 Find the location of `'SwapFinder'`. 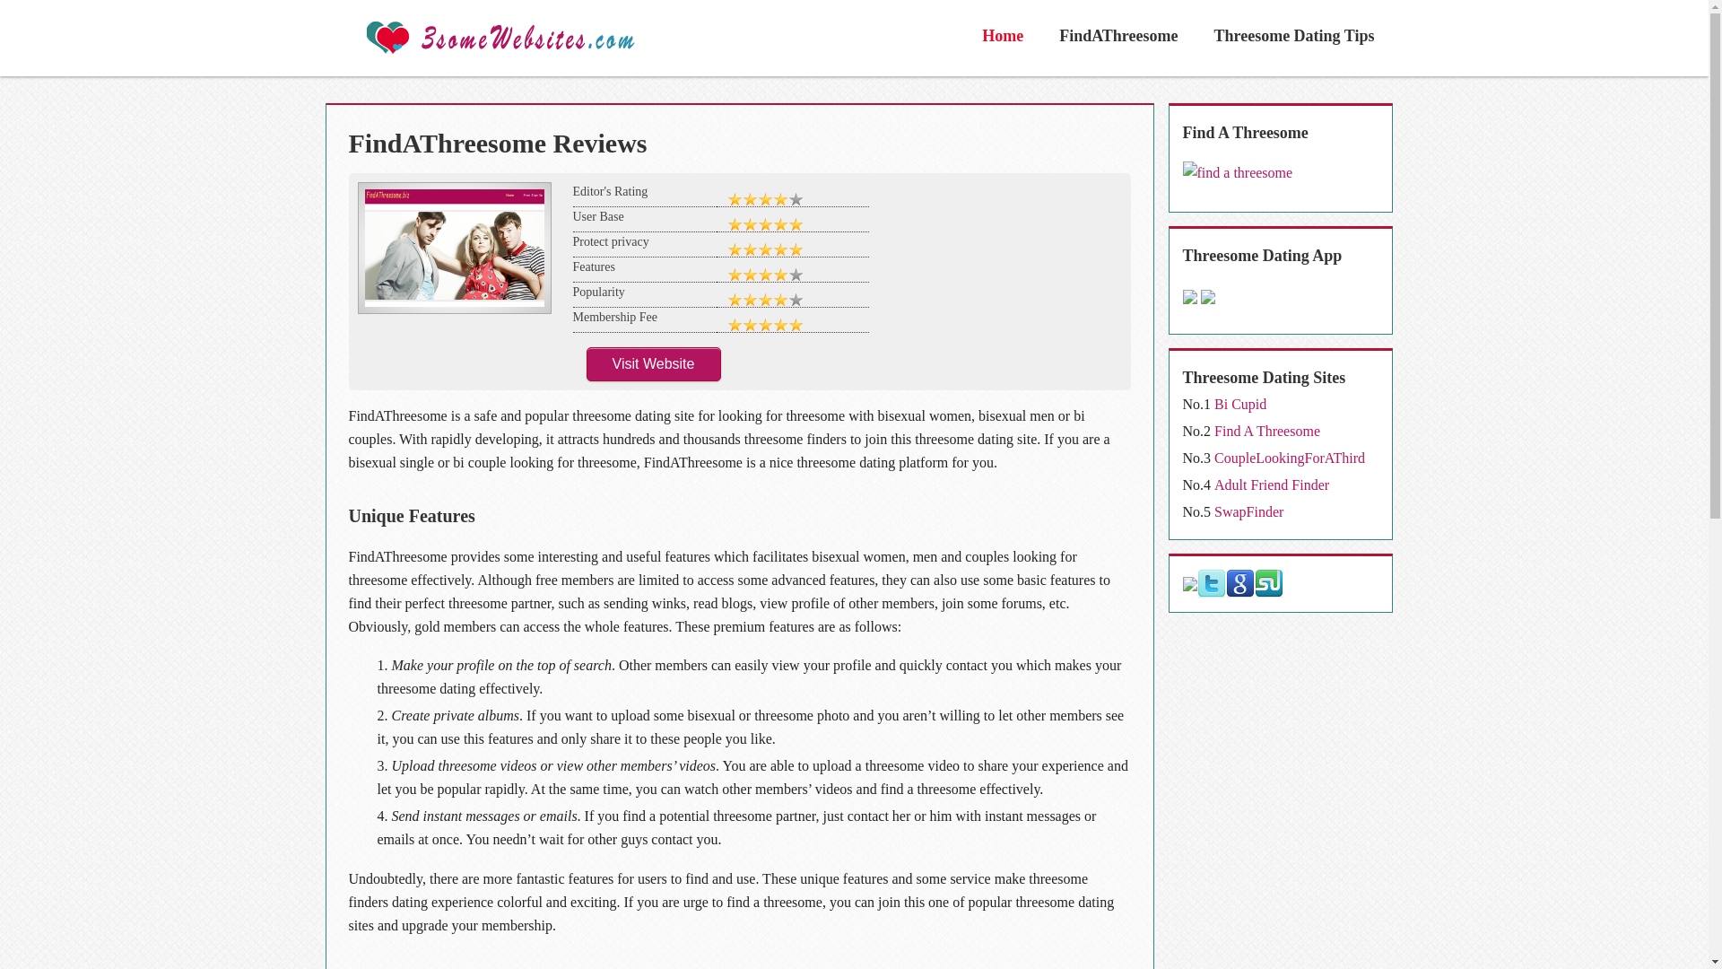

'SwapFinder' is located at coordinates (1248, 511).